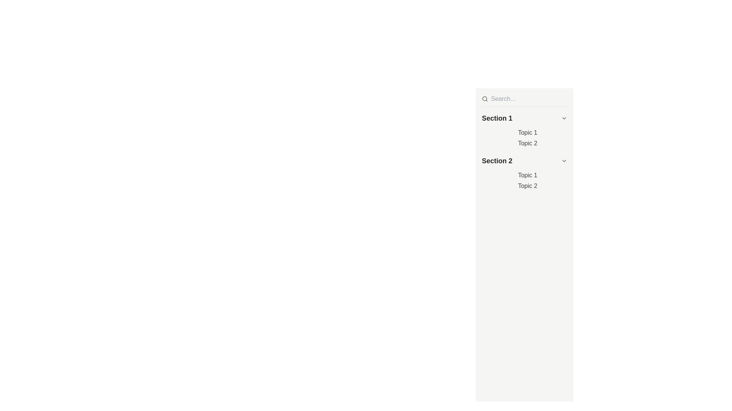 The image size is (732, 411). What do you see at coordinates (484, 98) in the screenshot?
I see `the circular icon within the magnifying glass graphic that is part of the search symbol at the top left corner of the search bar for search functionality` at bounding box center [484, 98].